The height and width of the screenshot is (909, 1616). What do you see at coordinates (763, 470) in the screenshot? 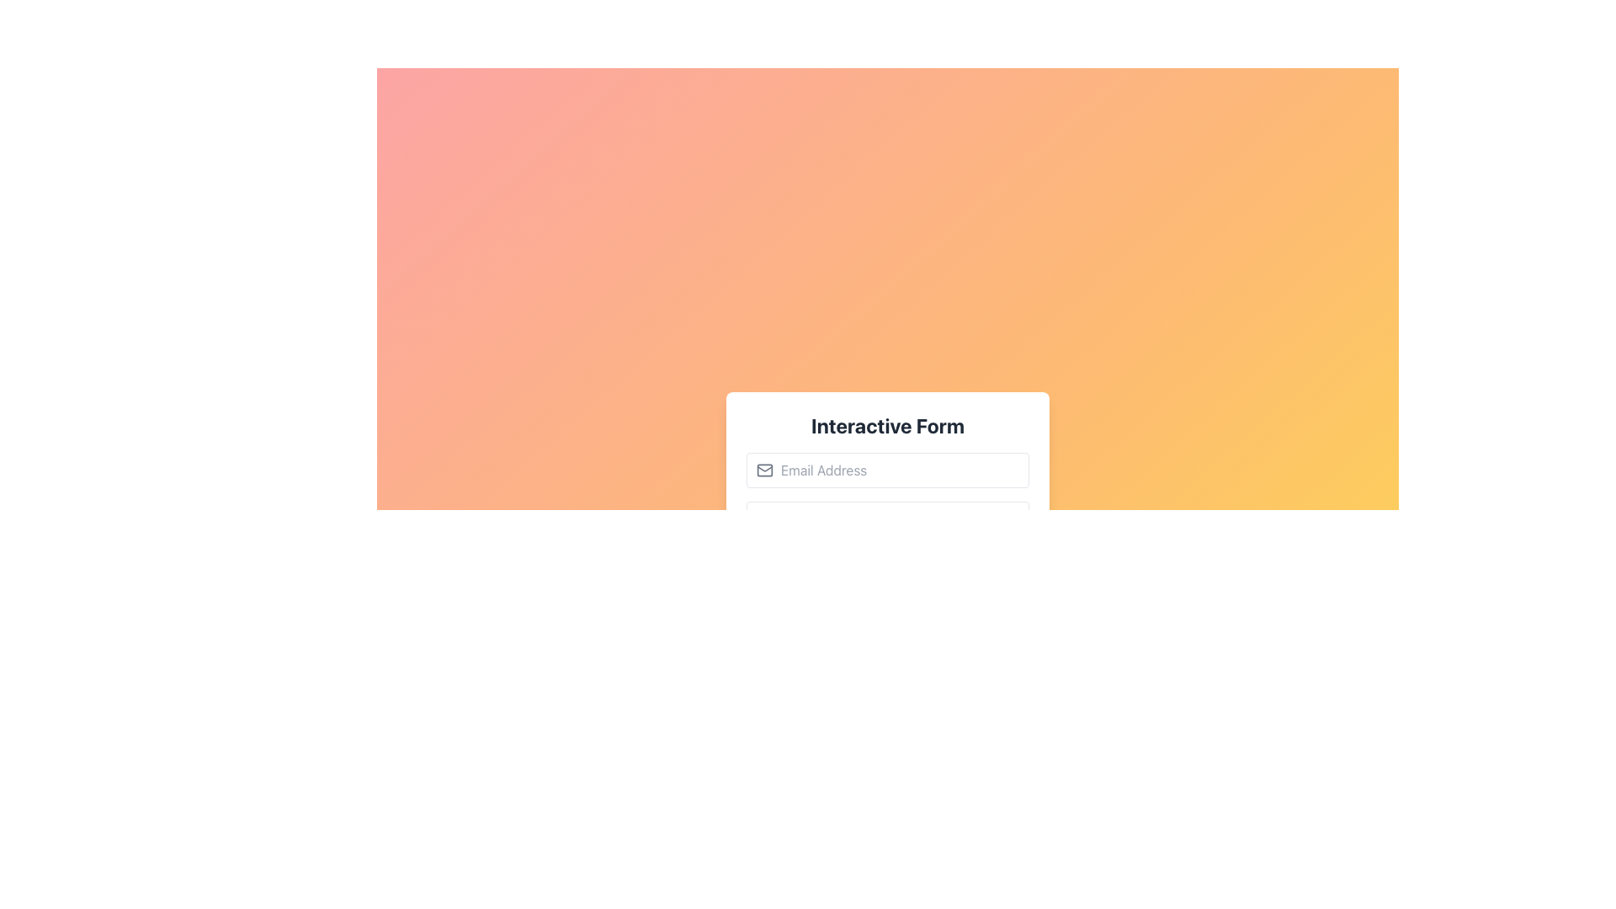
I see `the email icon that serves as a visual cue for the email input field, located to the left of the input field with the placeholder 'Email Address'` at bounding box center [763, 470].